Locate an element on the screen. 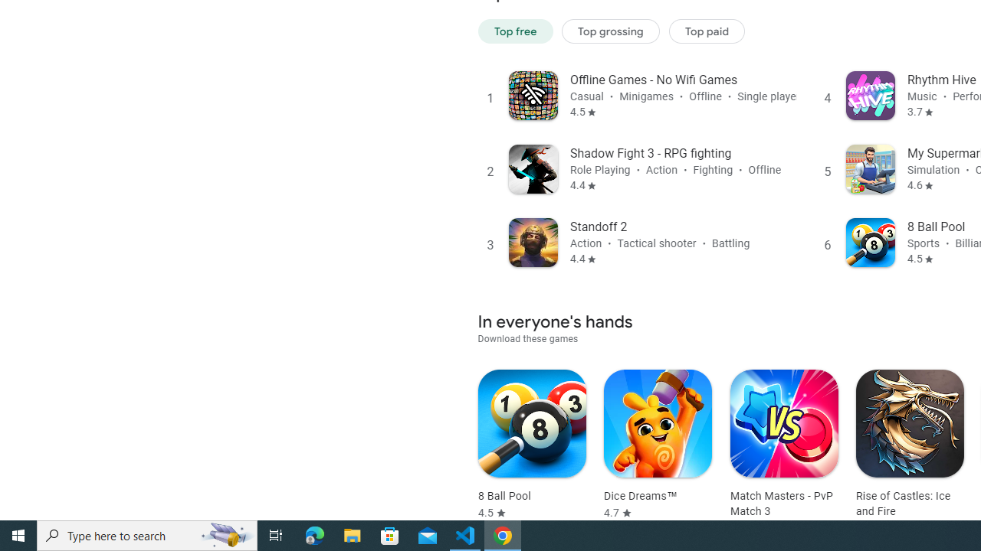 This screenshot has height=551, width=981. 'Top grossing' is located at coordinates (610, 31).